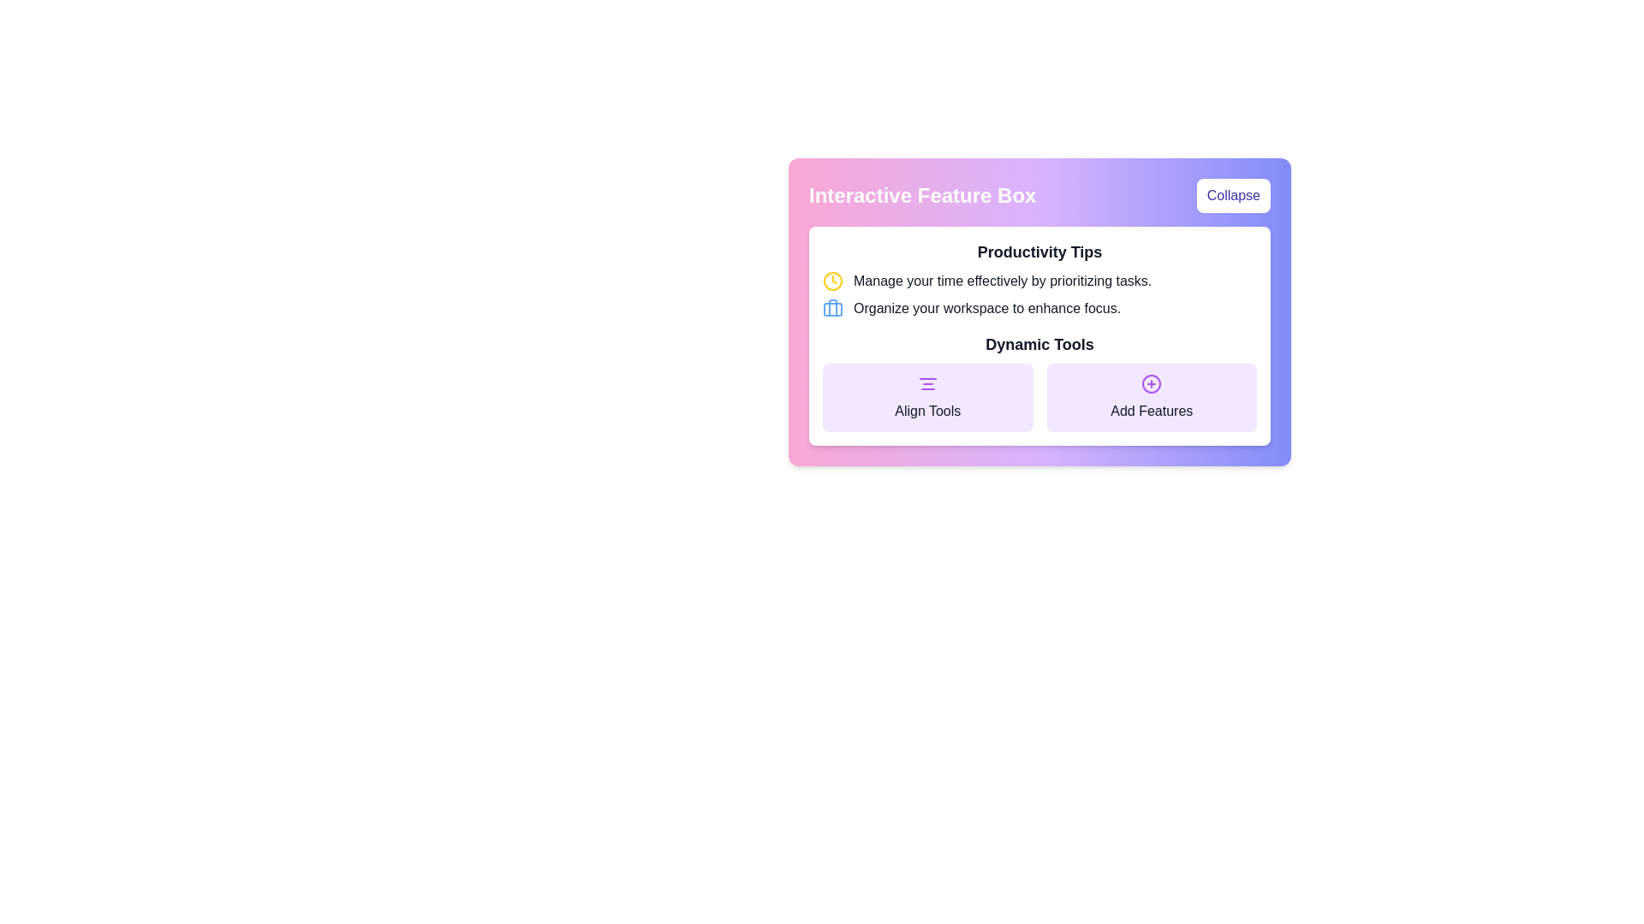 This screenshot has width=1644, height=924. I want to click on informational text 'Organize your workspace to enhance focus.' which is represented by a blue briefcase icon, located in the lower part of the 'Productivity Tips' section as the second tip, so click(1039, 309).